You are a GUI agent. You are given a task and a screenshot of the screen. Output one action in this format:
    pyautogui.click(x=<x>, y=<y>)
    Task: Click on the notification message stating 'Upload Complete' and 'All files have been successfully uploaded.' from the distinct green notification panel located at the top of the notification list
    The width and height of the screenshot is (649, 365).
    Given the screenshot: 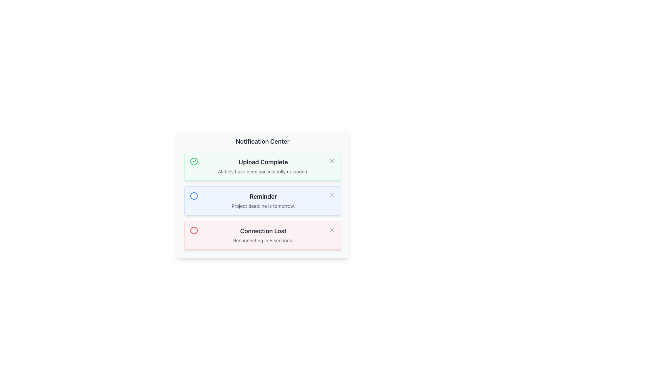 What is the action you would take?
    pyautogui.click(x=262, y=166)
    